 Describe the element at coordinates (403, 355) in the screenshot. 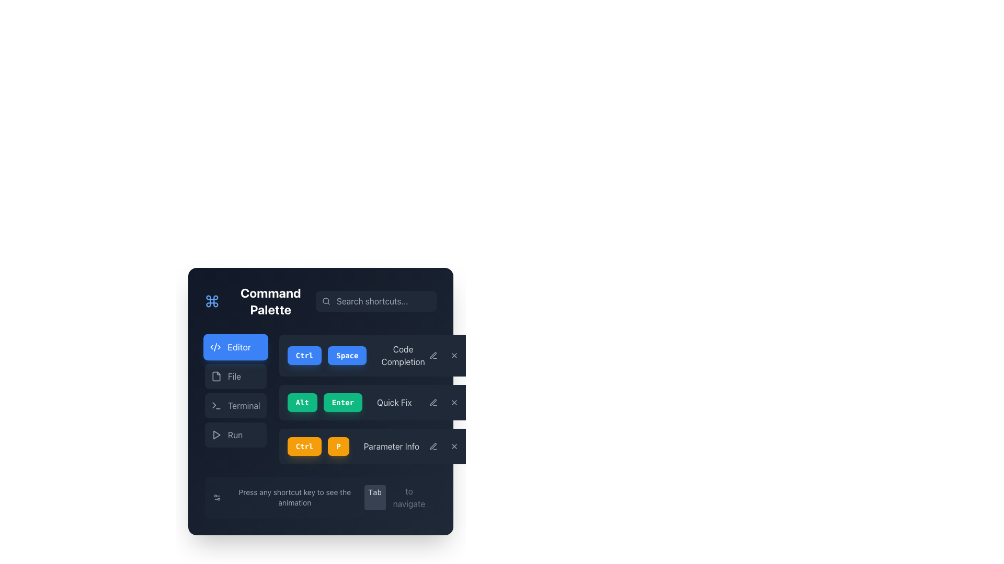

I see `the Text Label that provides information related to the 'Ctrl' and 'Space' buttons in the Command Palette` at that location.